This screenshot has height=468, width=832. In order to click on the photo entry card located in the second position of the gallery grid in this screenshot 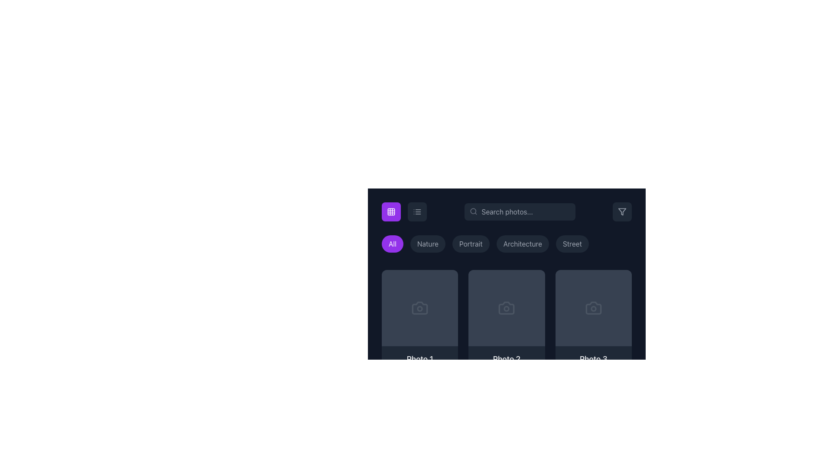, I will do `click(507, 332)`.